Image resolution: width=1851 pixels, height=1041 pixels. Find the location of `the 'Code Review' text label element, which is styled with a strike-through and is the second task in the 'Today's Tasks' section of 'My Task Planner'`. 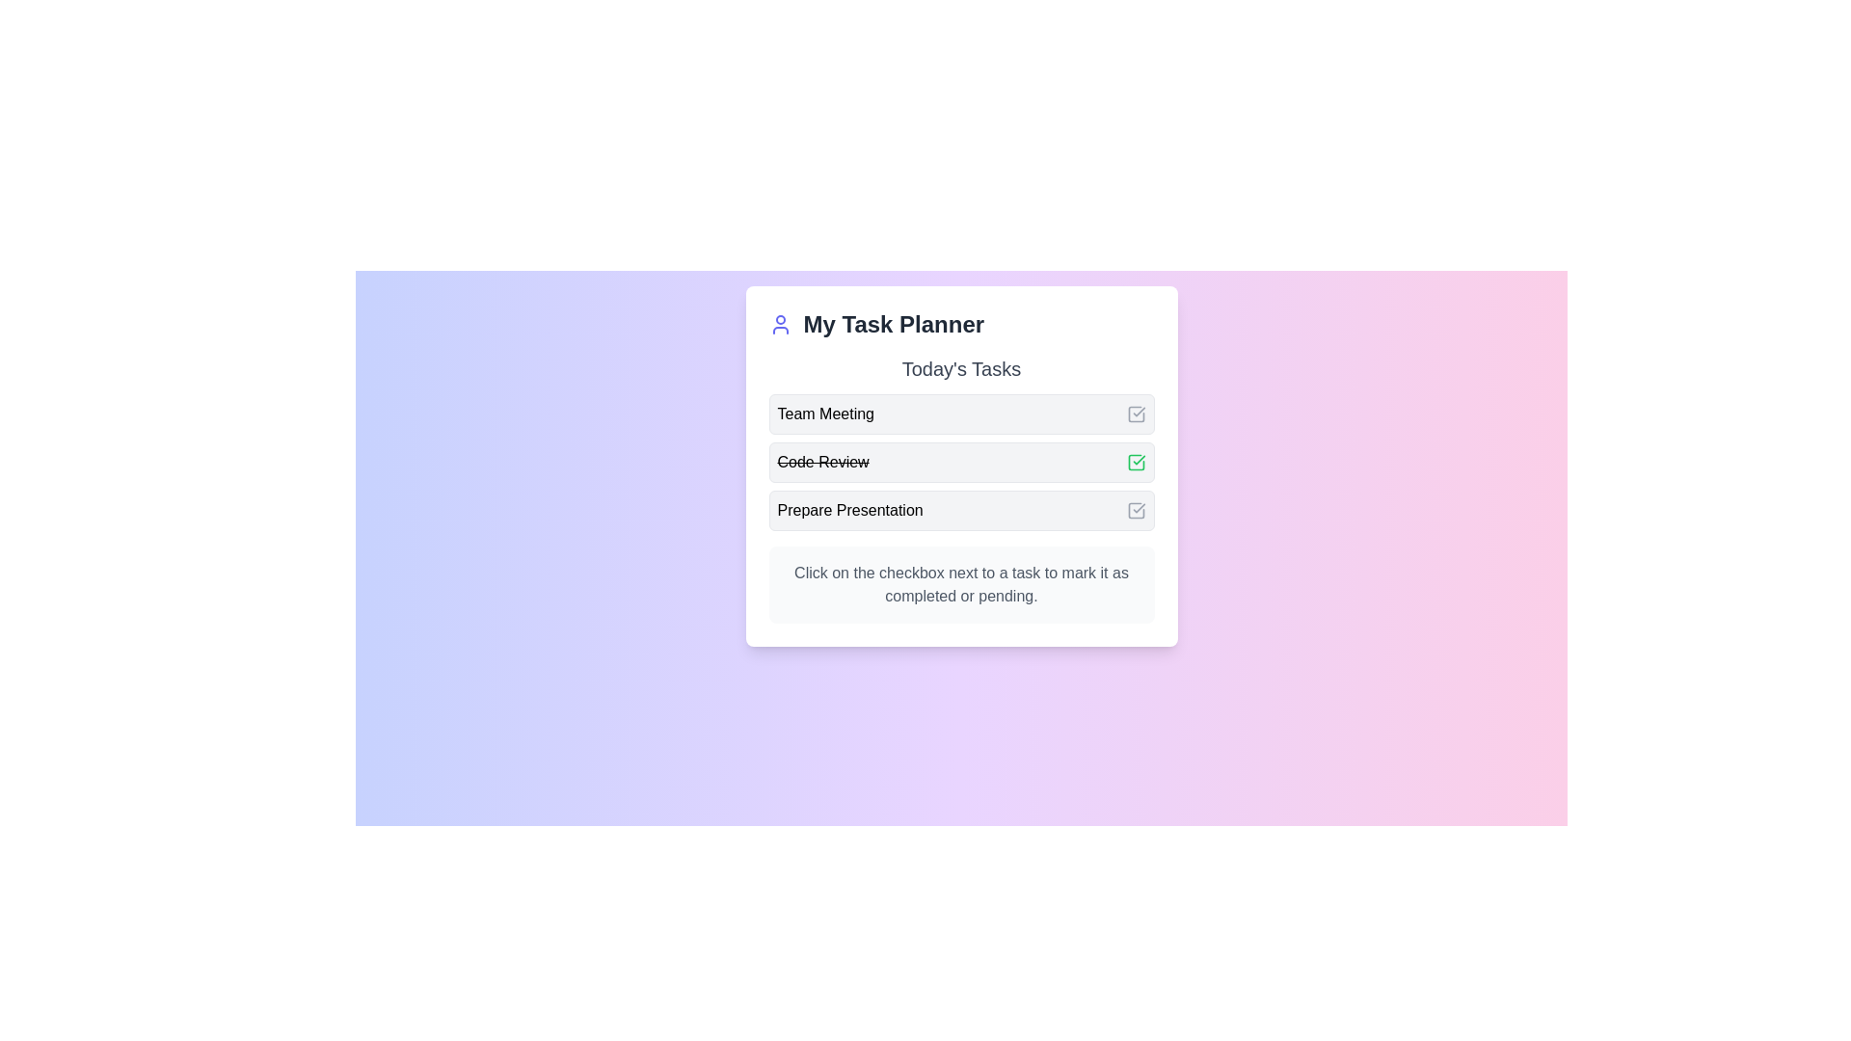

the 'Code Review' text label element, which is styled with a strike-through and is the second task in the 'Today's Tasks' section of 'My Task Planner' is located at coordinates (823, 462).